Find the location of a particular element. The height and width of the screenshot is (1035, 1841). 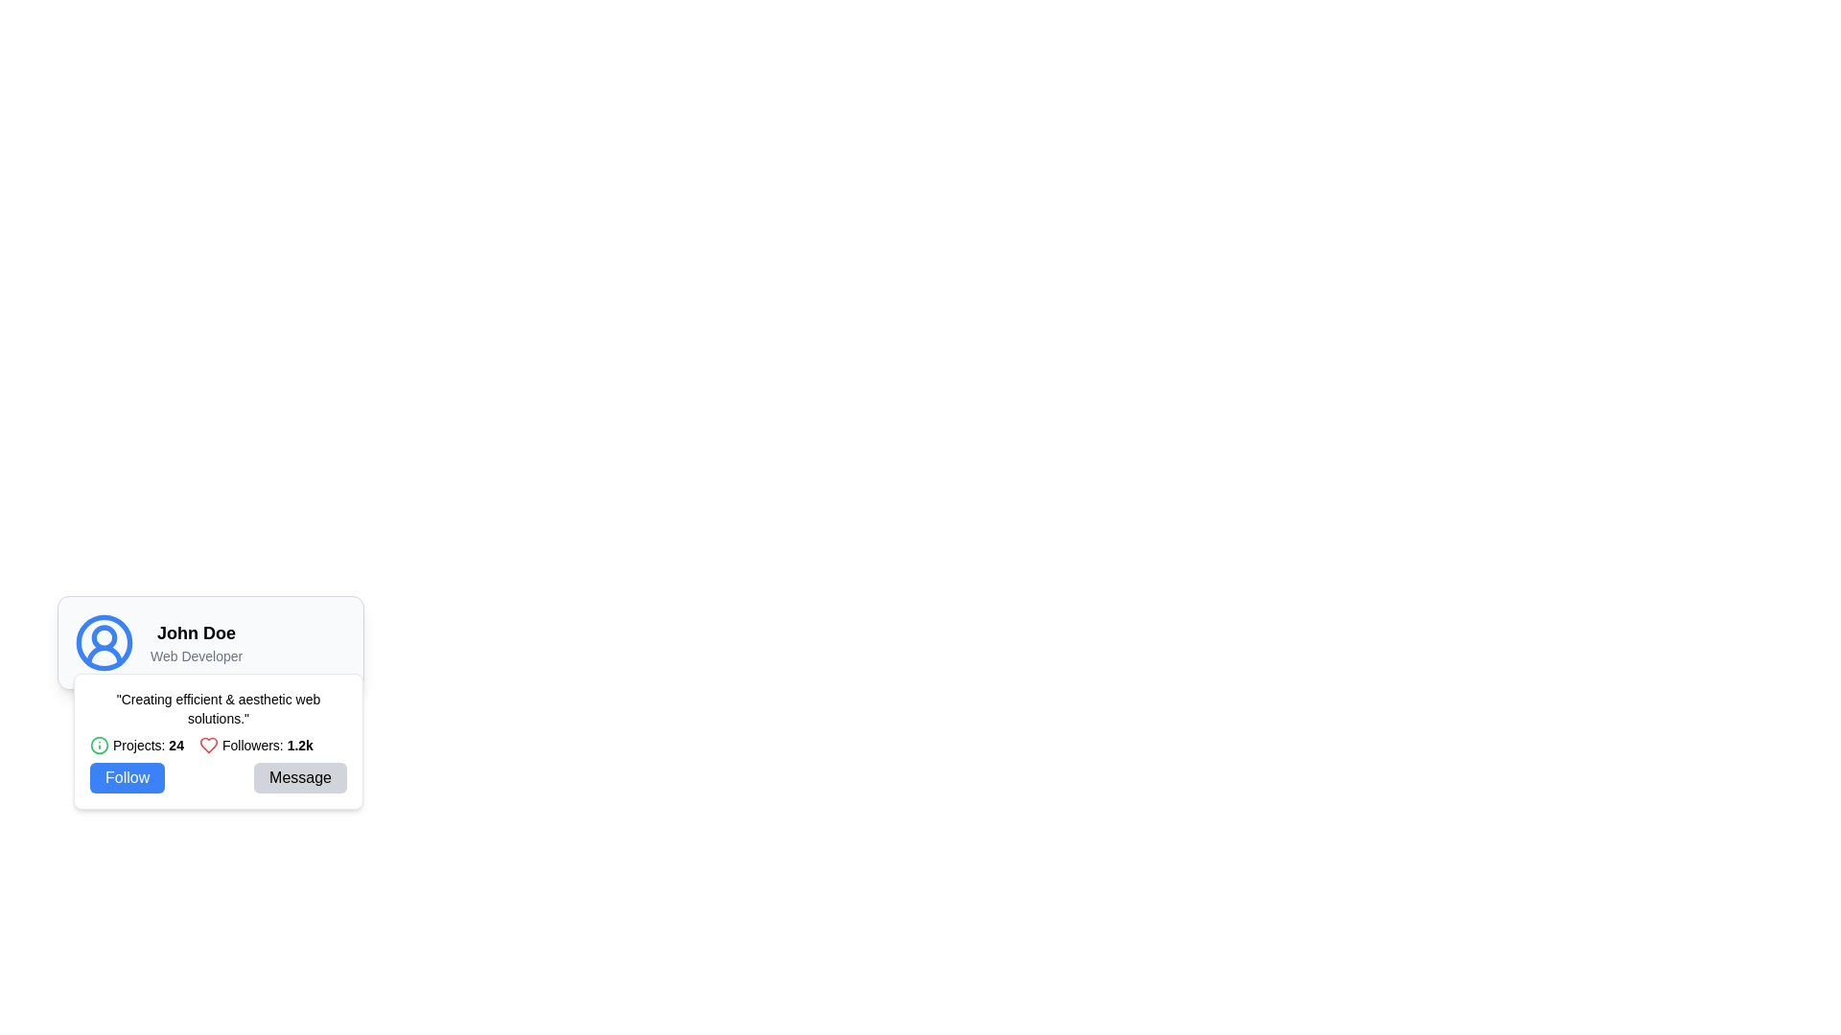

text content of the Statistical label displaying 'Projects: 24', which is located in the lower left section of the user information card, next to an icon and above the 'Followers' label is located at coordinates (147, 745).